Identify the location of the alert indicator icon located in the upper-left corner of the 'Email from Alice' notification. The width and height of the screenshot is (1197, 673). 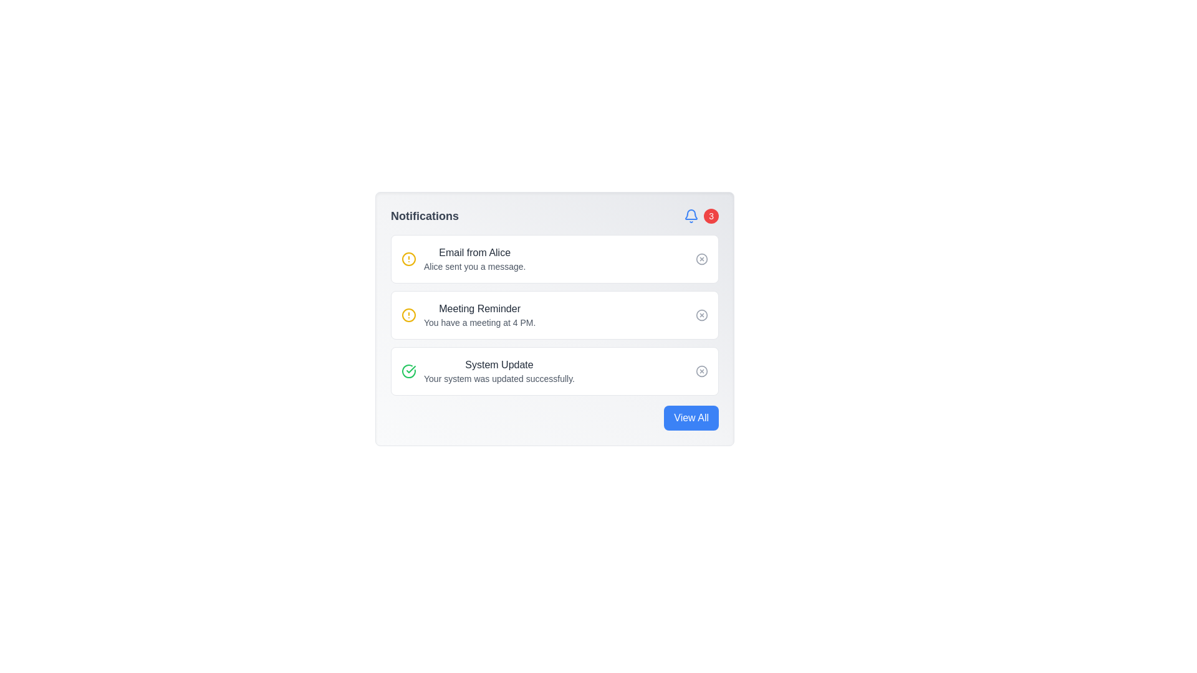
(409, 259).